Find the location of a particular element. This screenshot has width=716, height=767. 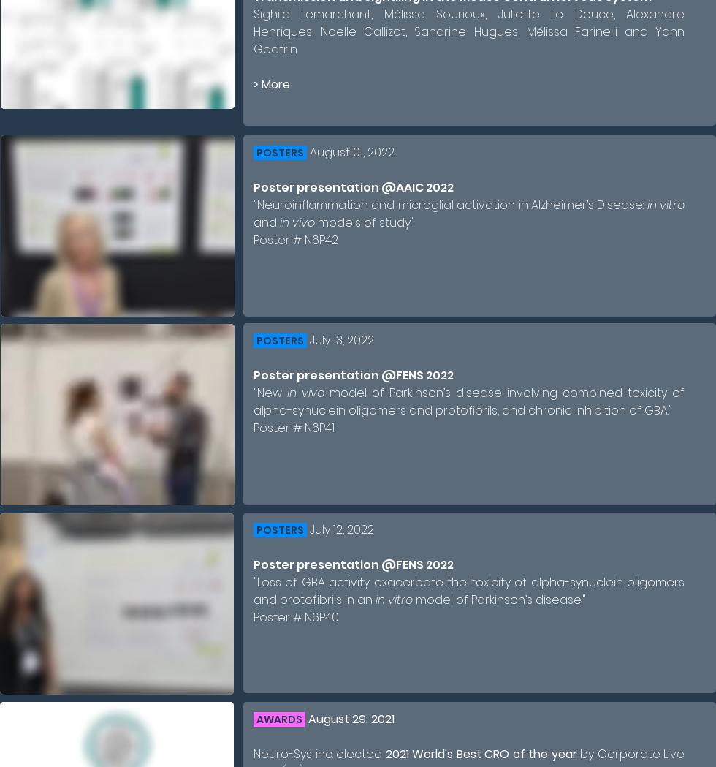

'model of Parkinson’s disease."' is located at coordinates (499, 599).